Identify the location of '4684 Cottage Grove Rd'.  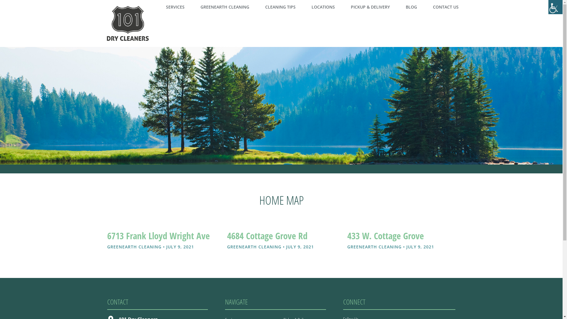
(267, 235).